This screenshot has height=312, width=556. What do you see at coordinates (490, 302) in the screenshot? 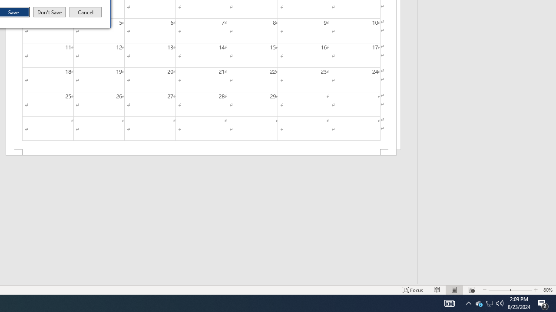
I see `'Q2790: 100%'` at bounding box center [490, 302].